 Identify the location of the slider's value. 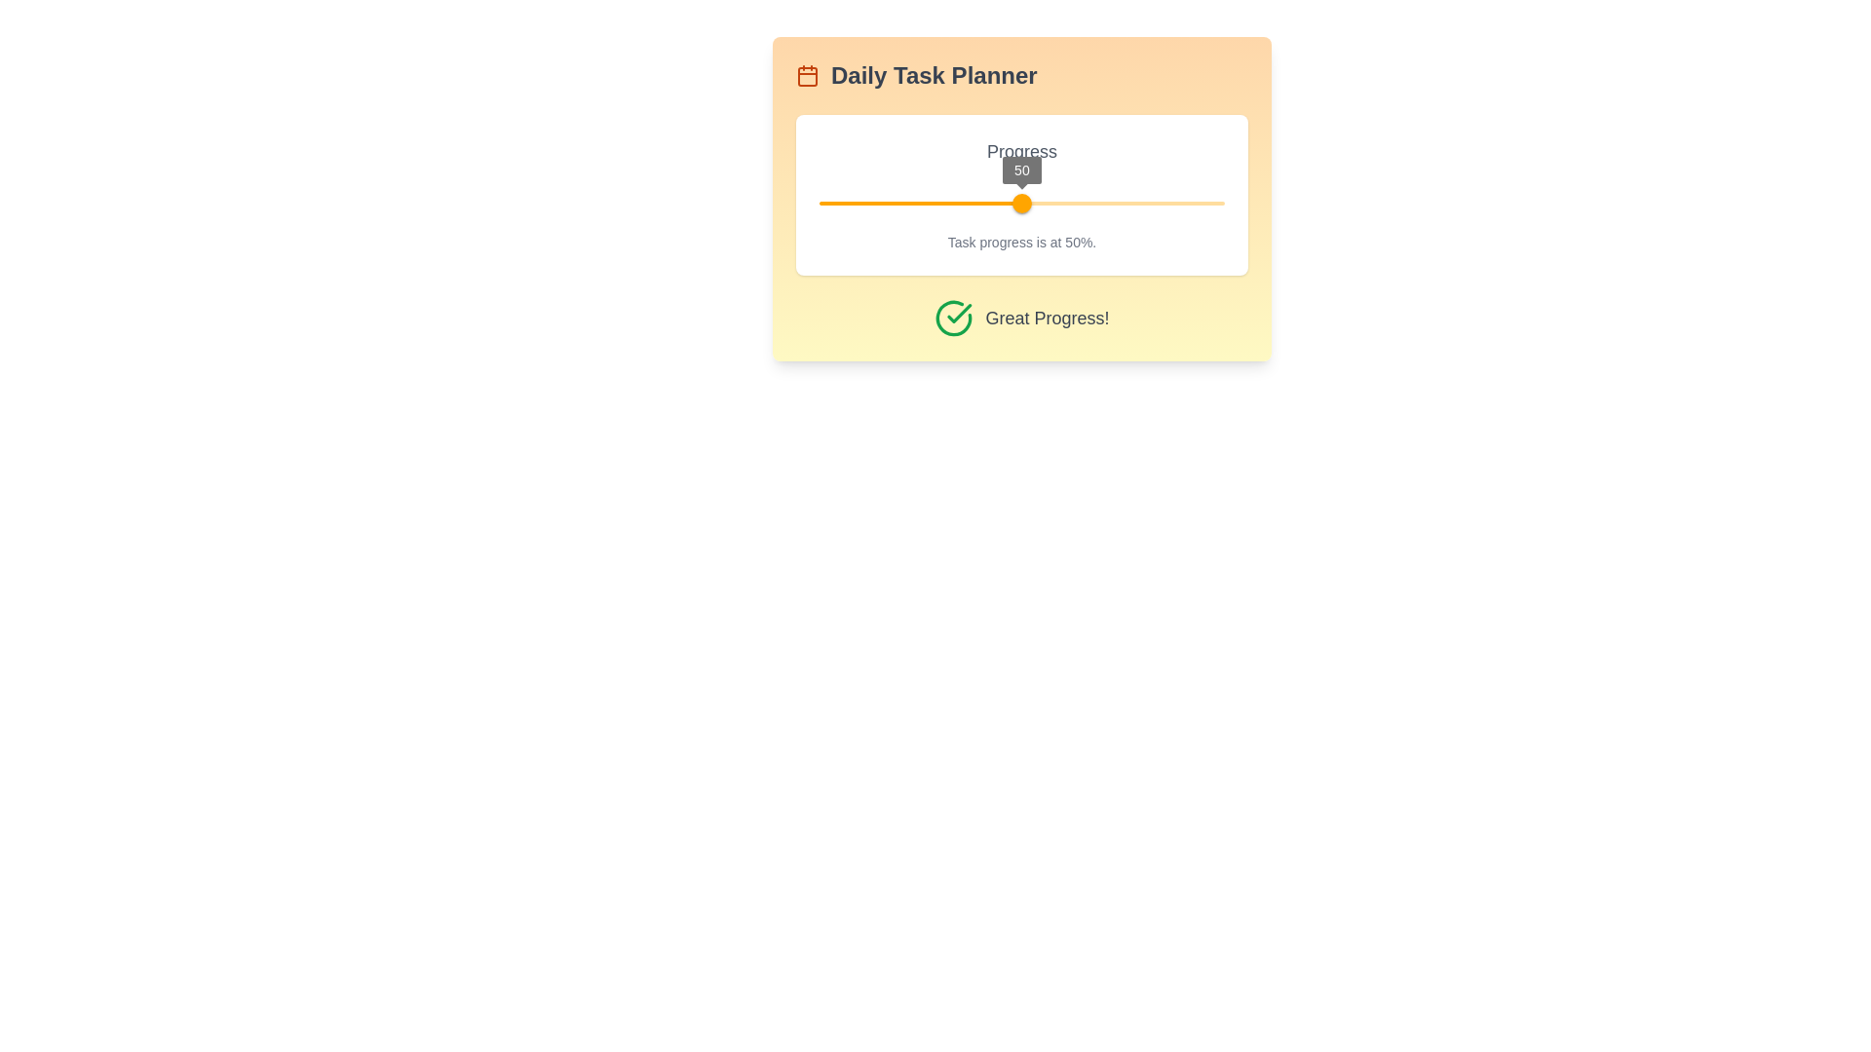
(981, 203).